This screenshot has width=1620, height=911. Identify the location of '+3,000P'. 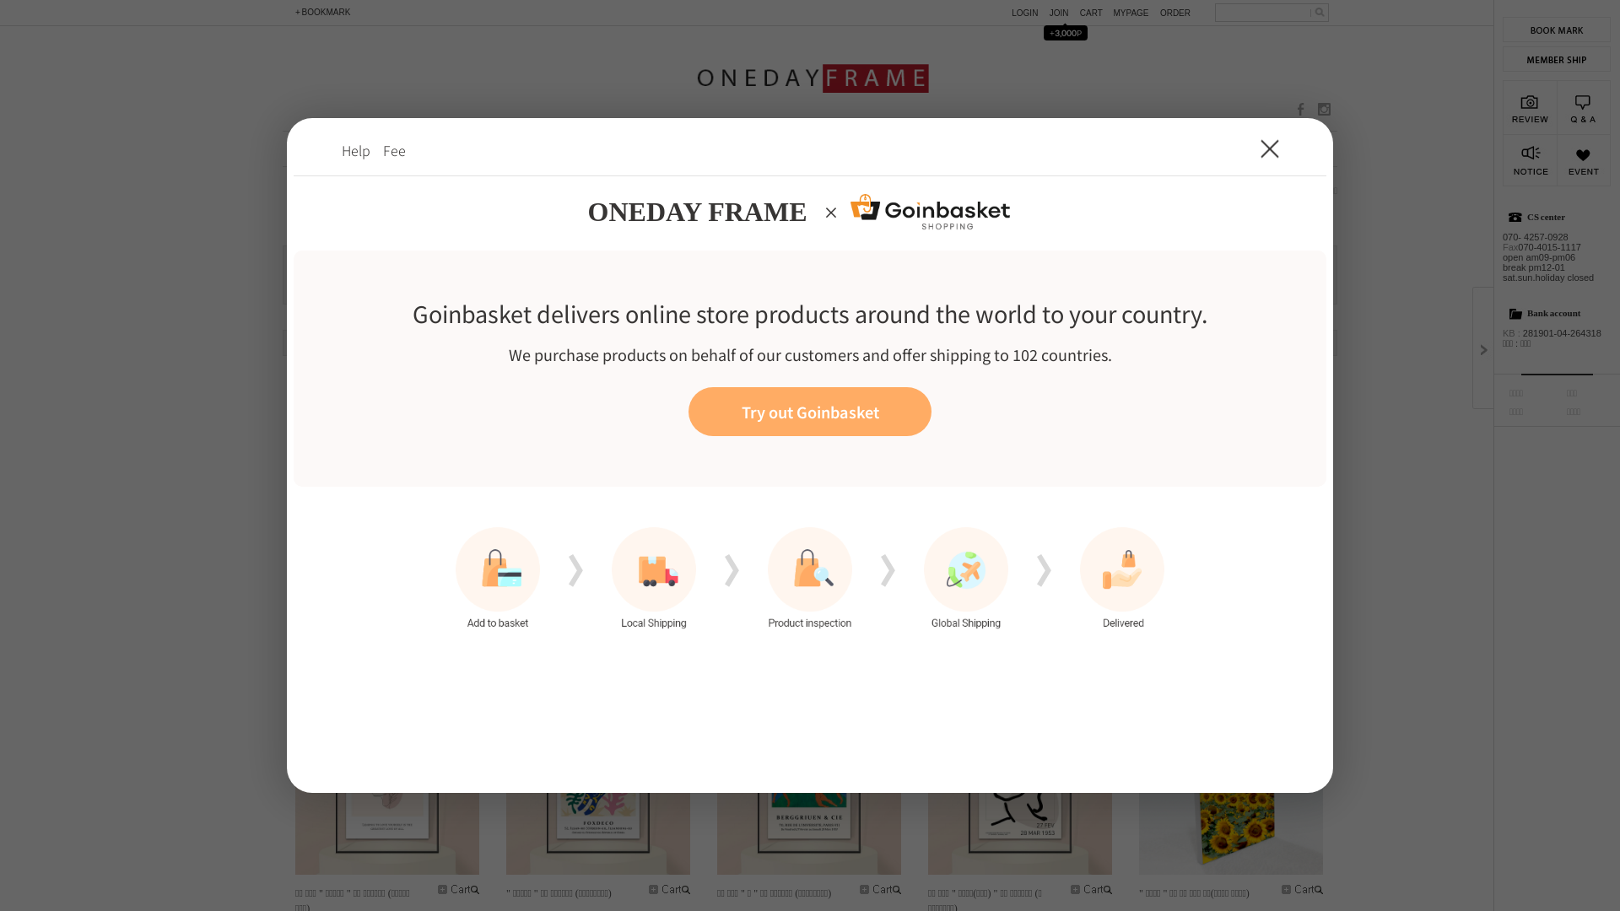
(1068, 31).